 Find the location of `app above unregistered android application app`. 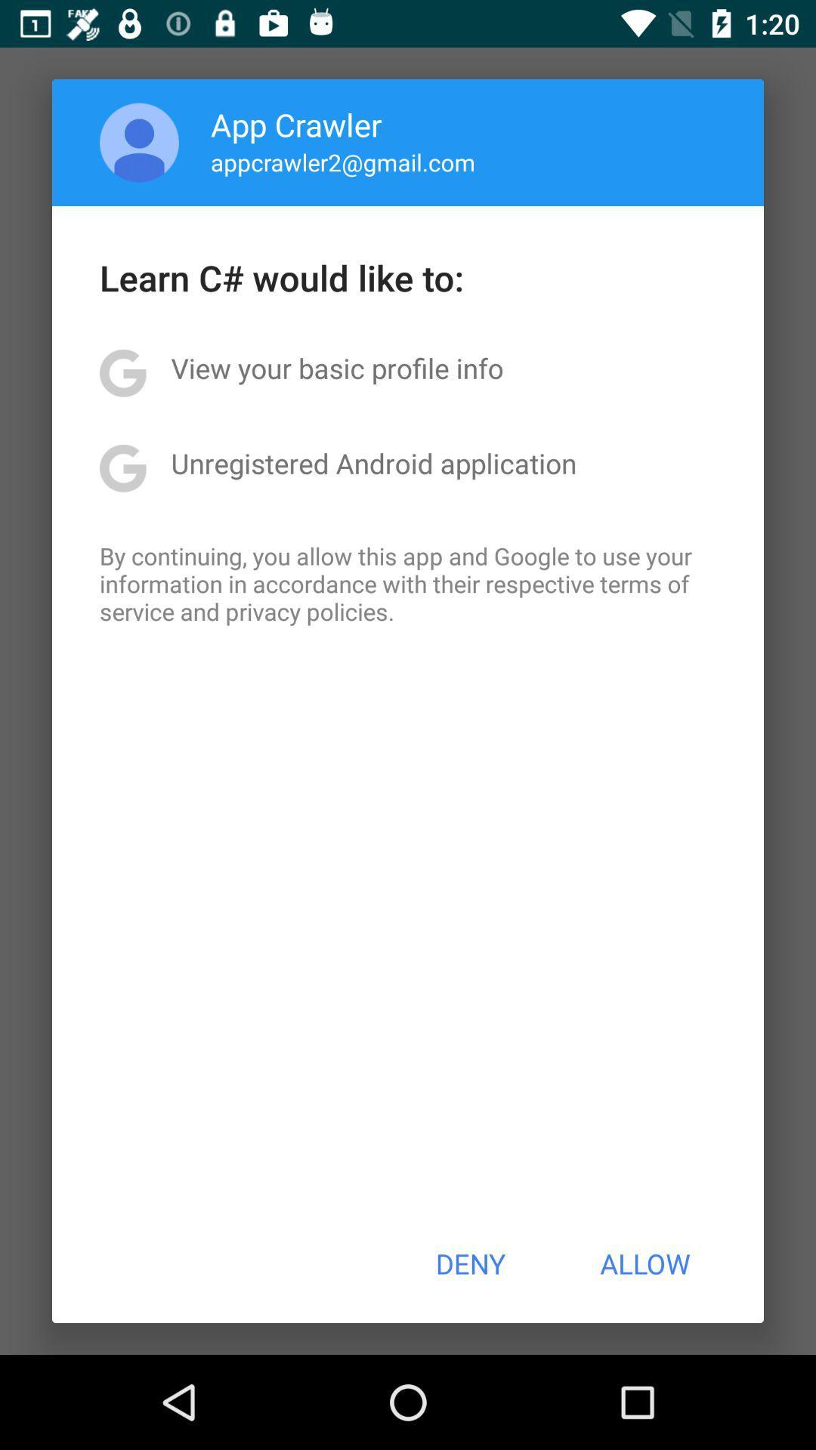

app above unregistered android application app is located at coordinates (336, 368).